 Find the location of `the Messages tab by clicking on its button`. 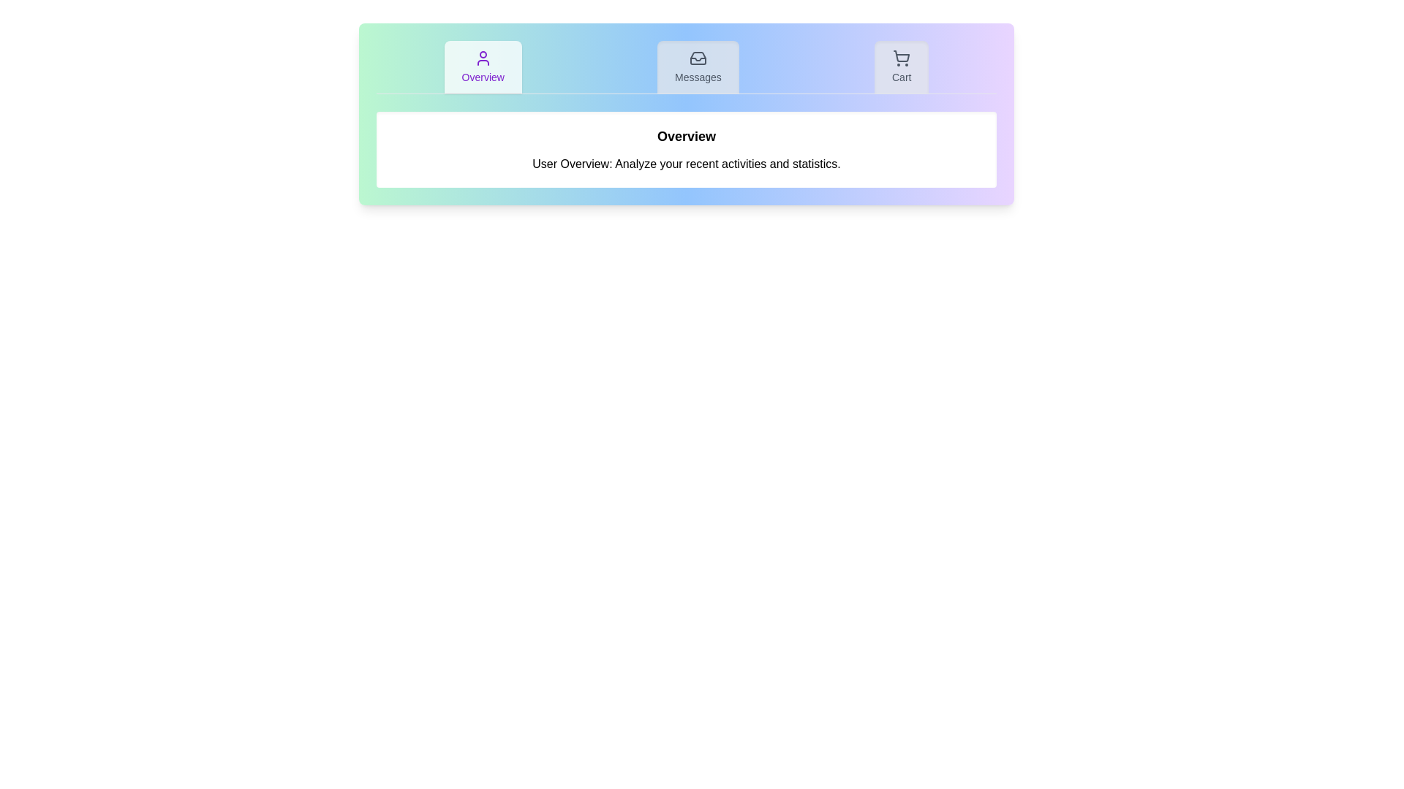

the Messages tab by clicking on its button is located at coordinates (698, 67).